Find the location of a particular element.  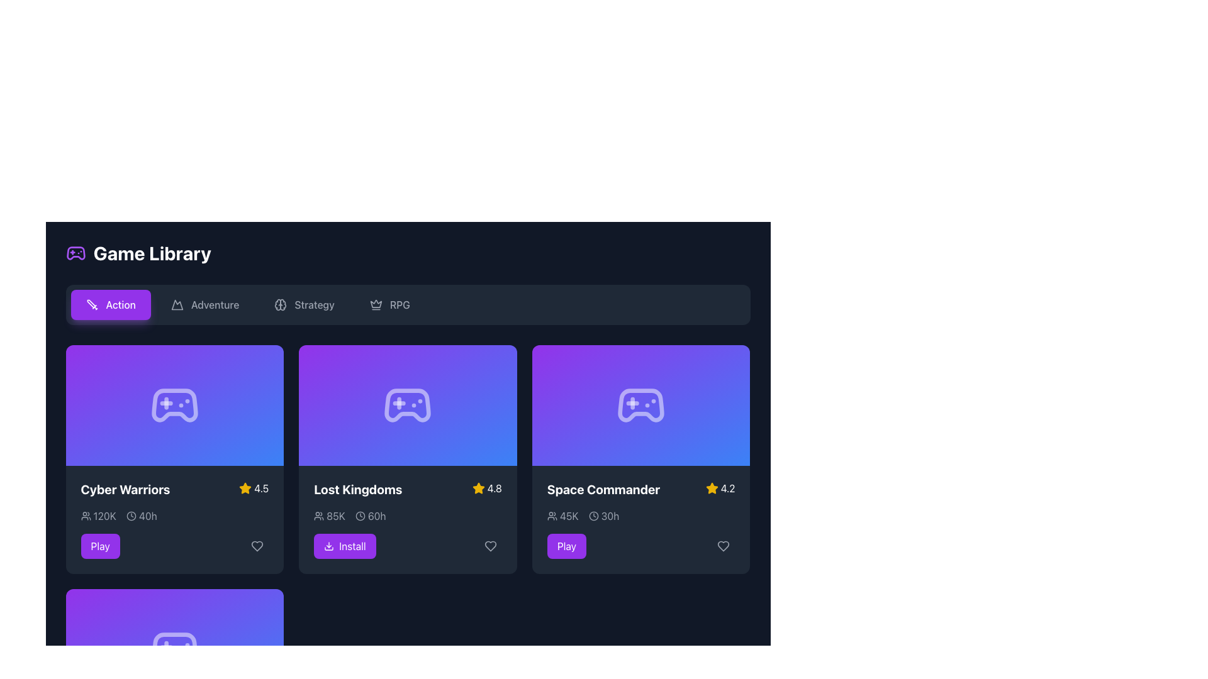

static text element displaying '40h' located below the title 'Cyber Warriors' in the game library interface, next to a clock icon is located at coordinates (142, 516).